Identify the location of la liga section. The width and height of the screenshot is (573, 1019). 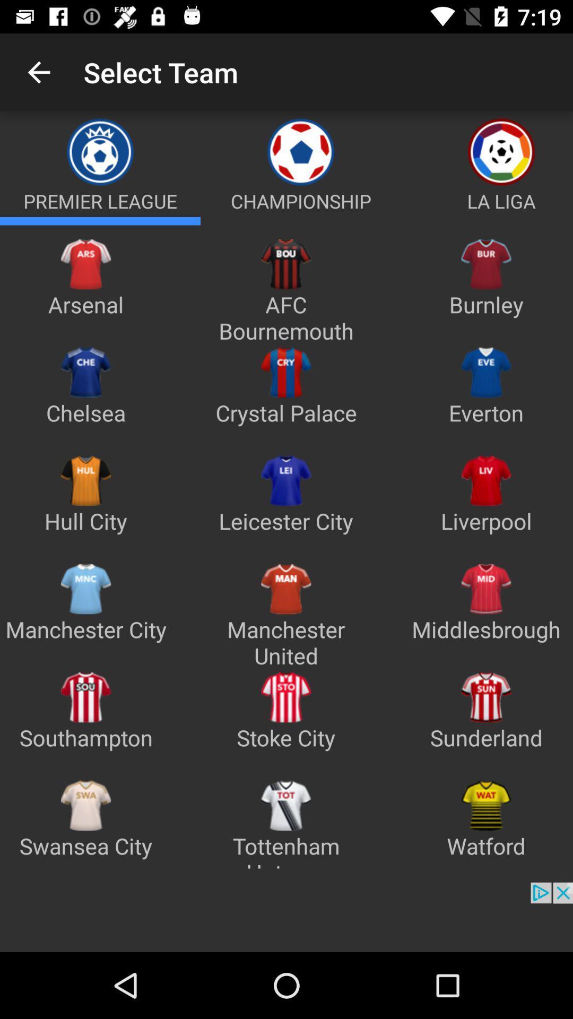
(487, 220).